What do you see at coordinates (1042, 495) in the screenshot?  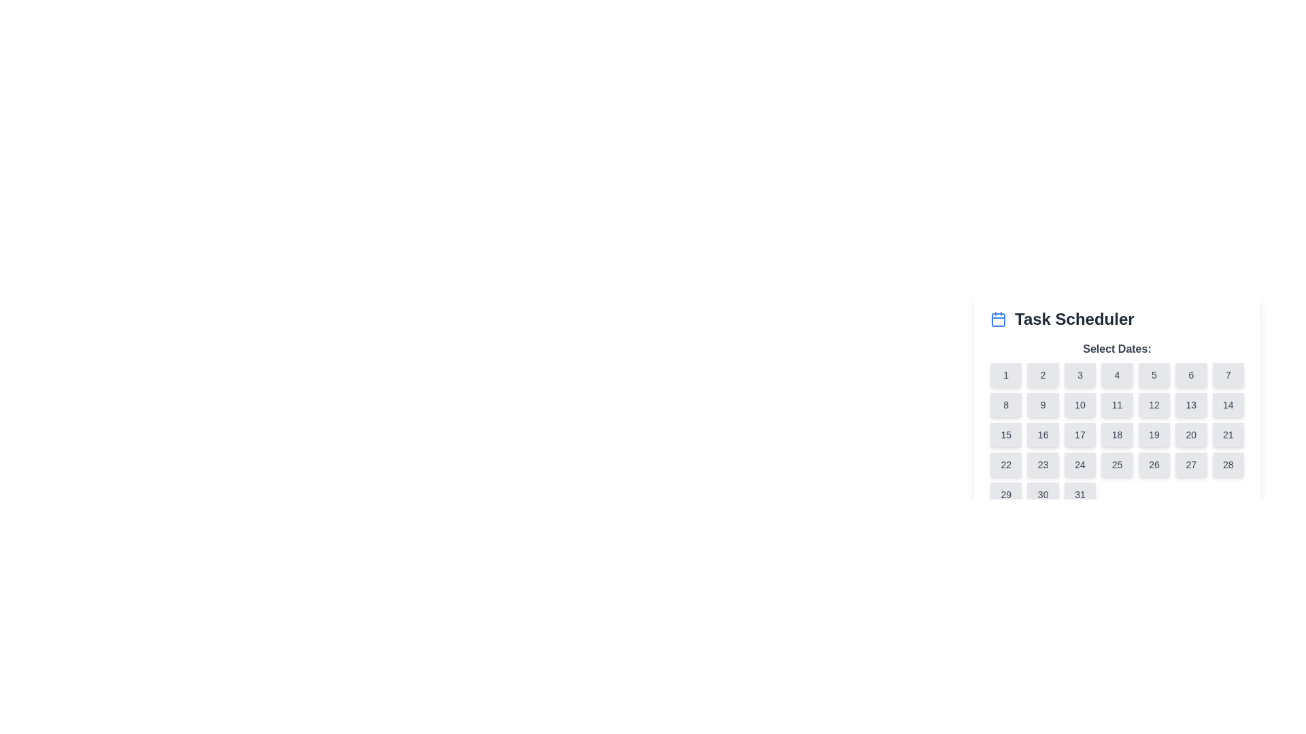 I see `the rectangular button displaying the number '30' in the 'Select Dates' section of the calendar` at bounding box center [1042, 495].